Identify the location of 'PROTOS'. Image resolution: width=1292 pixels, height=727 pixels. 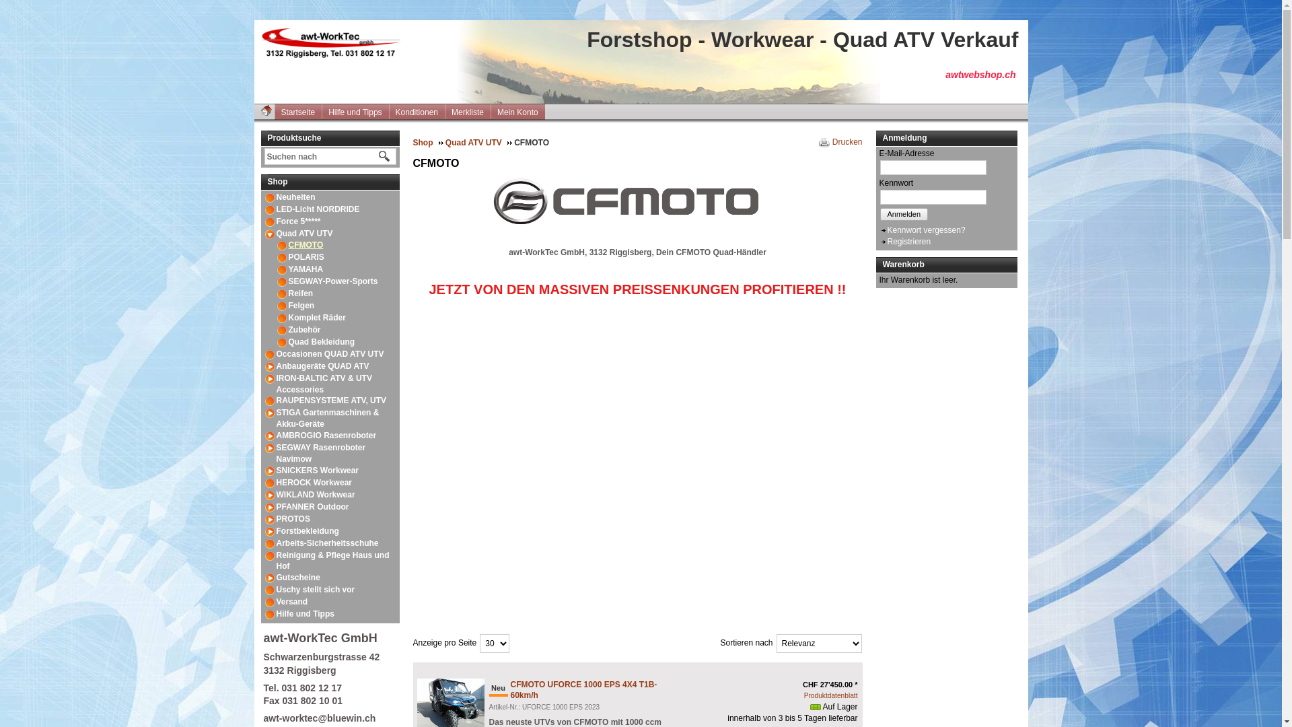
(293, 518).